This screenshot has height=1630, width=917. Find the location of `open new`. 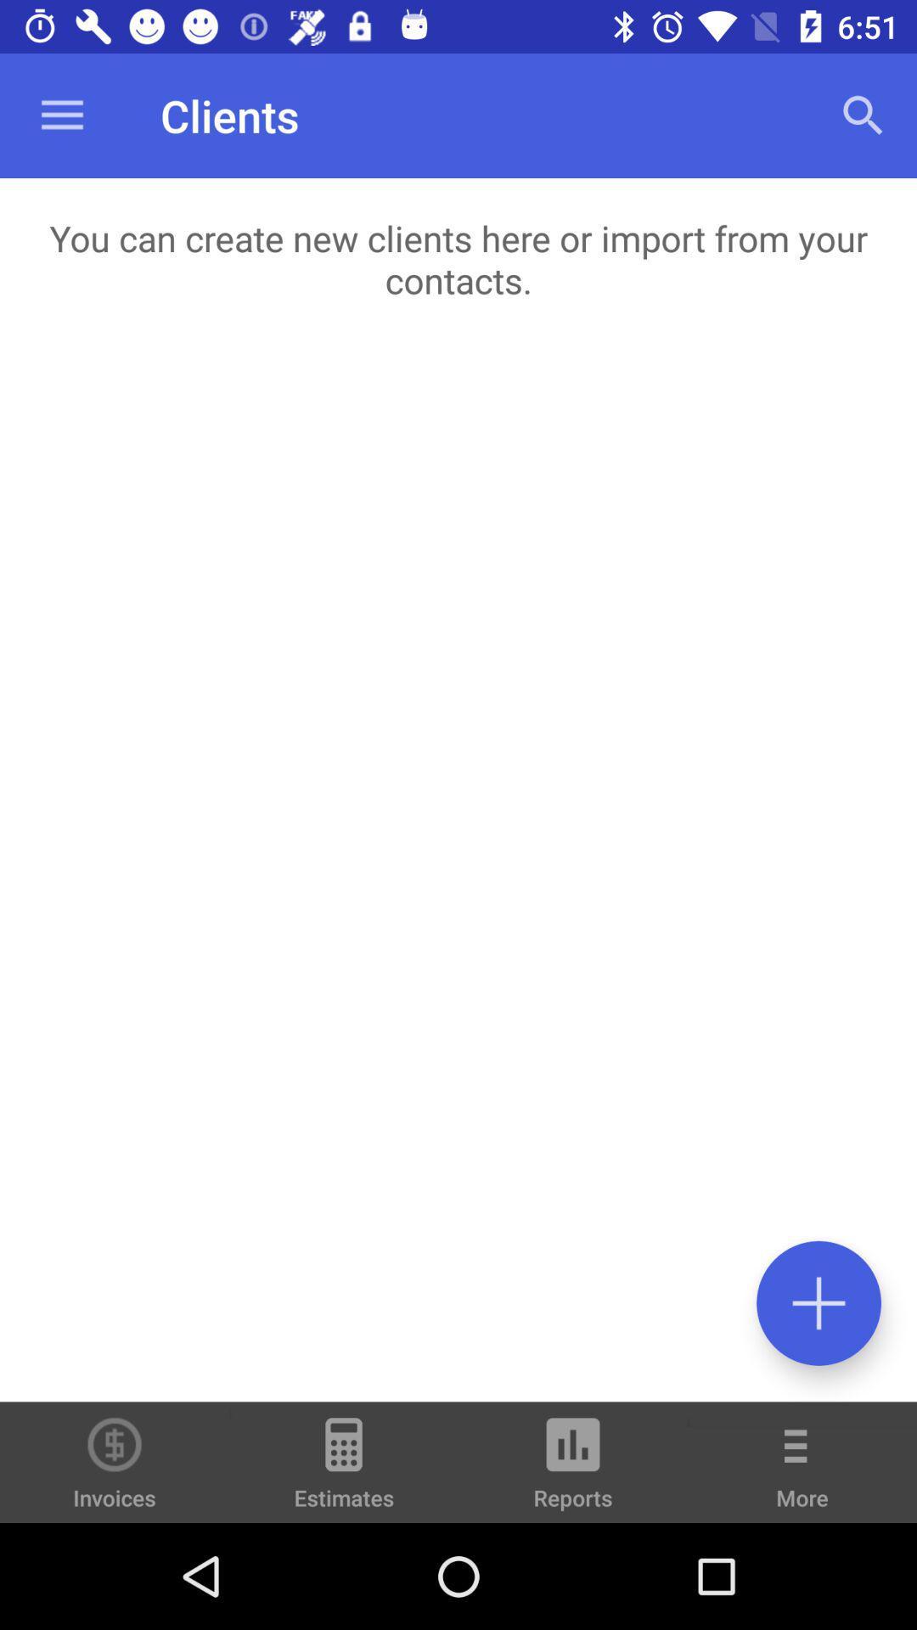

open new is located at coordinates (818, 1302).